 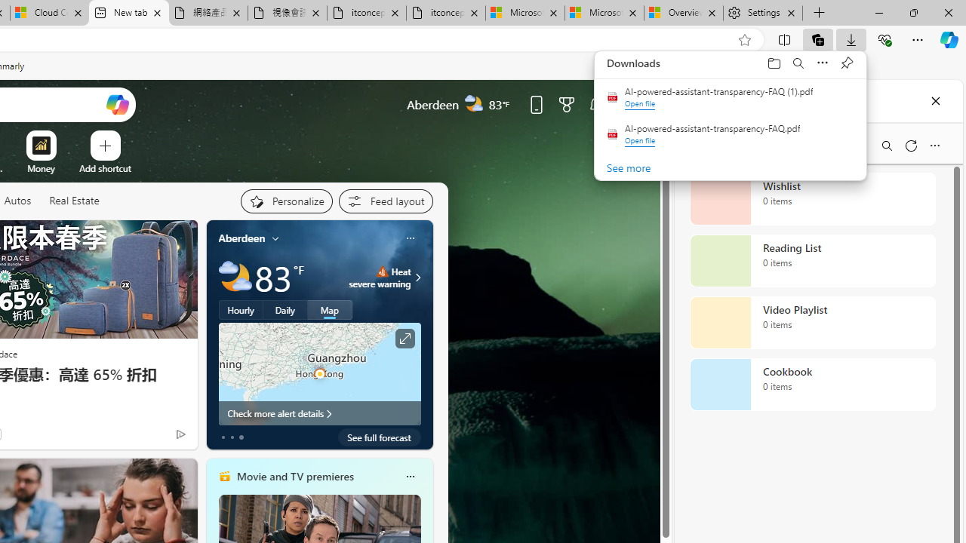 I want to click on 'Search downloads', so click(x=798, y=62).